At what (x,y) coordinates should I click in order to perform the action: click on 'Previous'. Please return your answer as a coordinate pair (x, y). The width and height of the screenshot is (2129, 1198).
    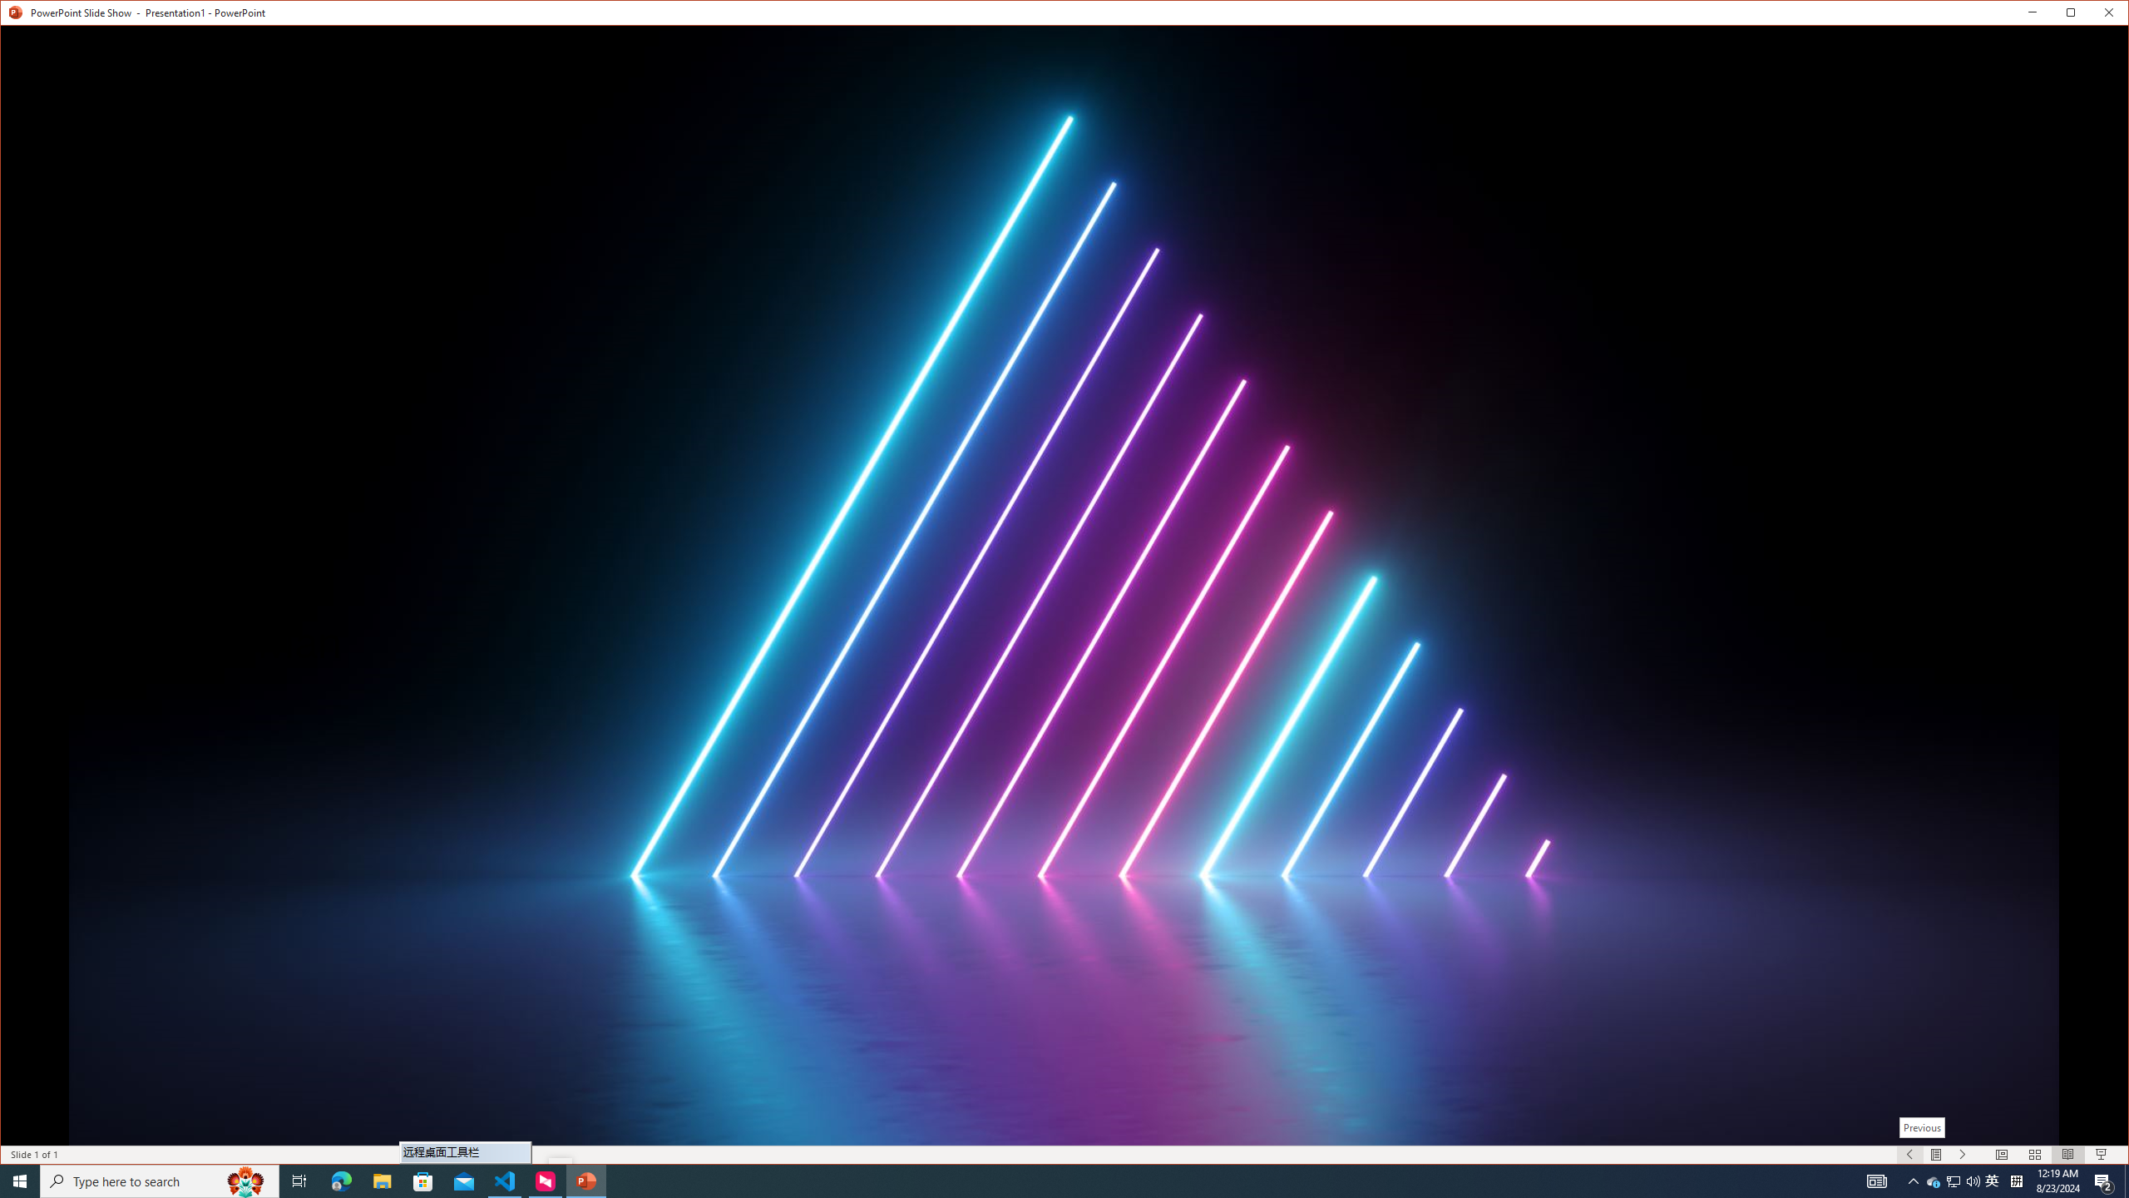
    Looking at the image, I should click on (1922, 1127).